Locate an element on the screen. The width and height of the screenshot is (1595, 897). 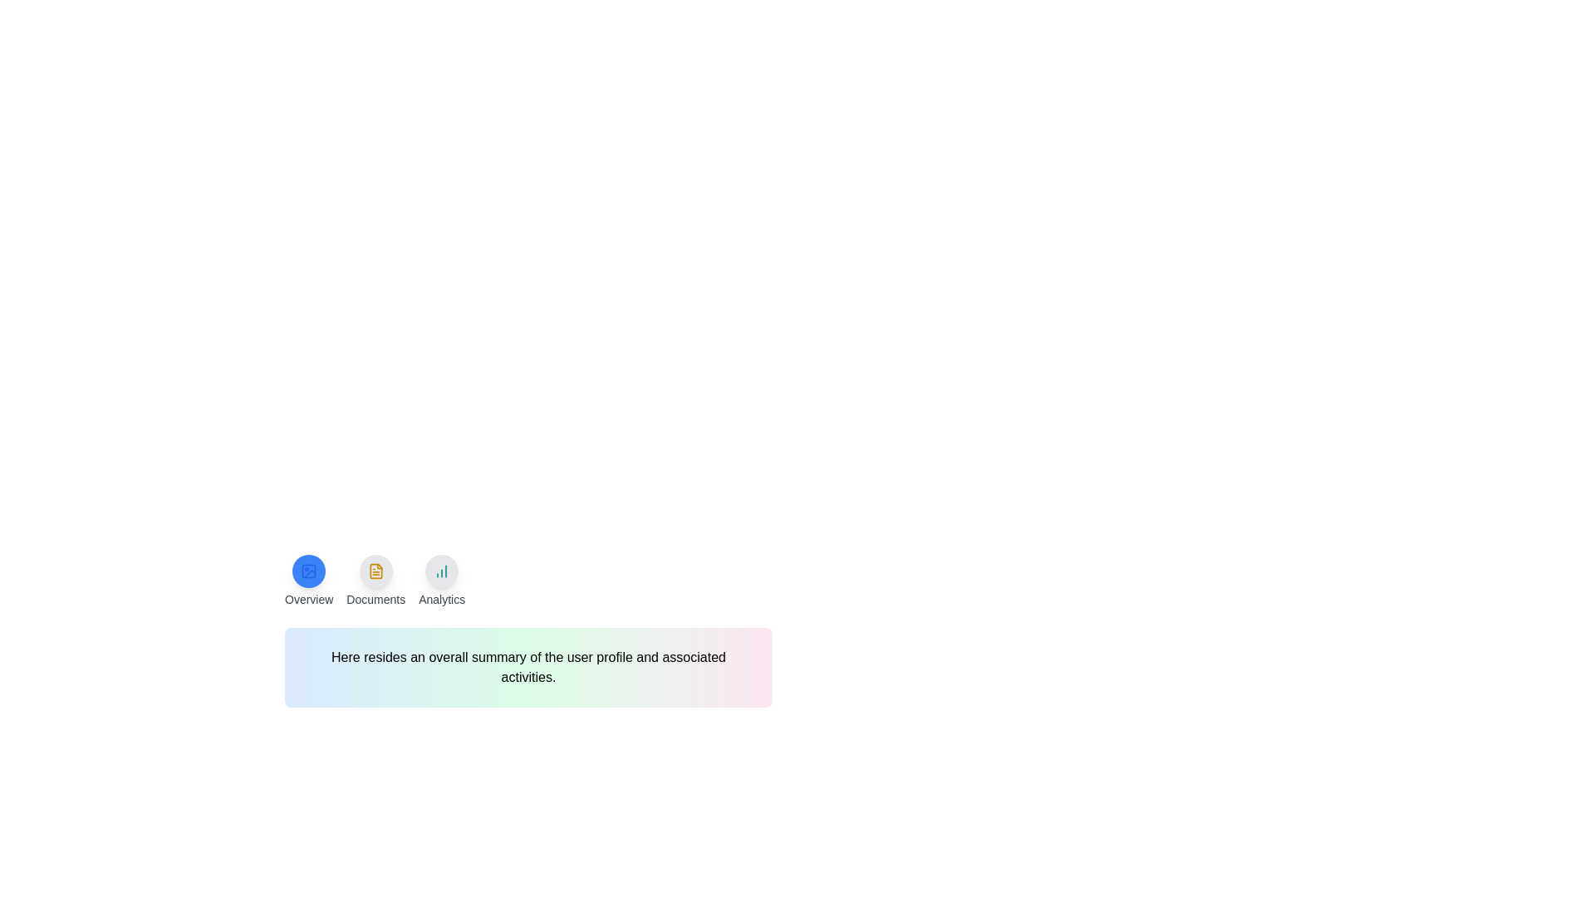
the text label displaying 'Documents', which is styled in gray color and is positioned beneath an icon in a vertical alignment with other category indicators is located at coordinates (375, 599).